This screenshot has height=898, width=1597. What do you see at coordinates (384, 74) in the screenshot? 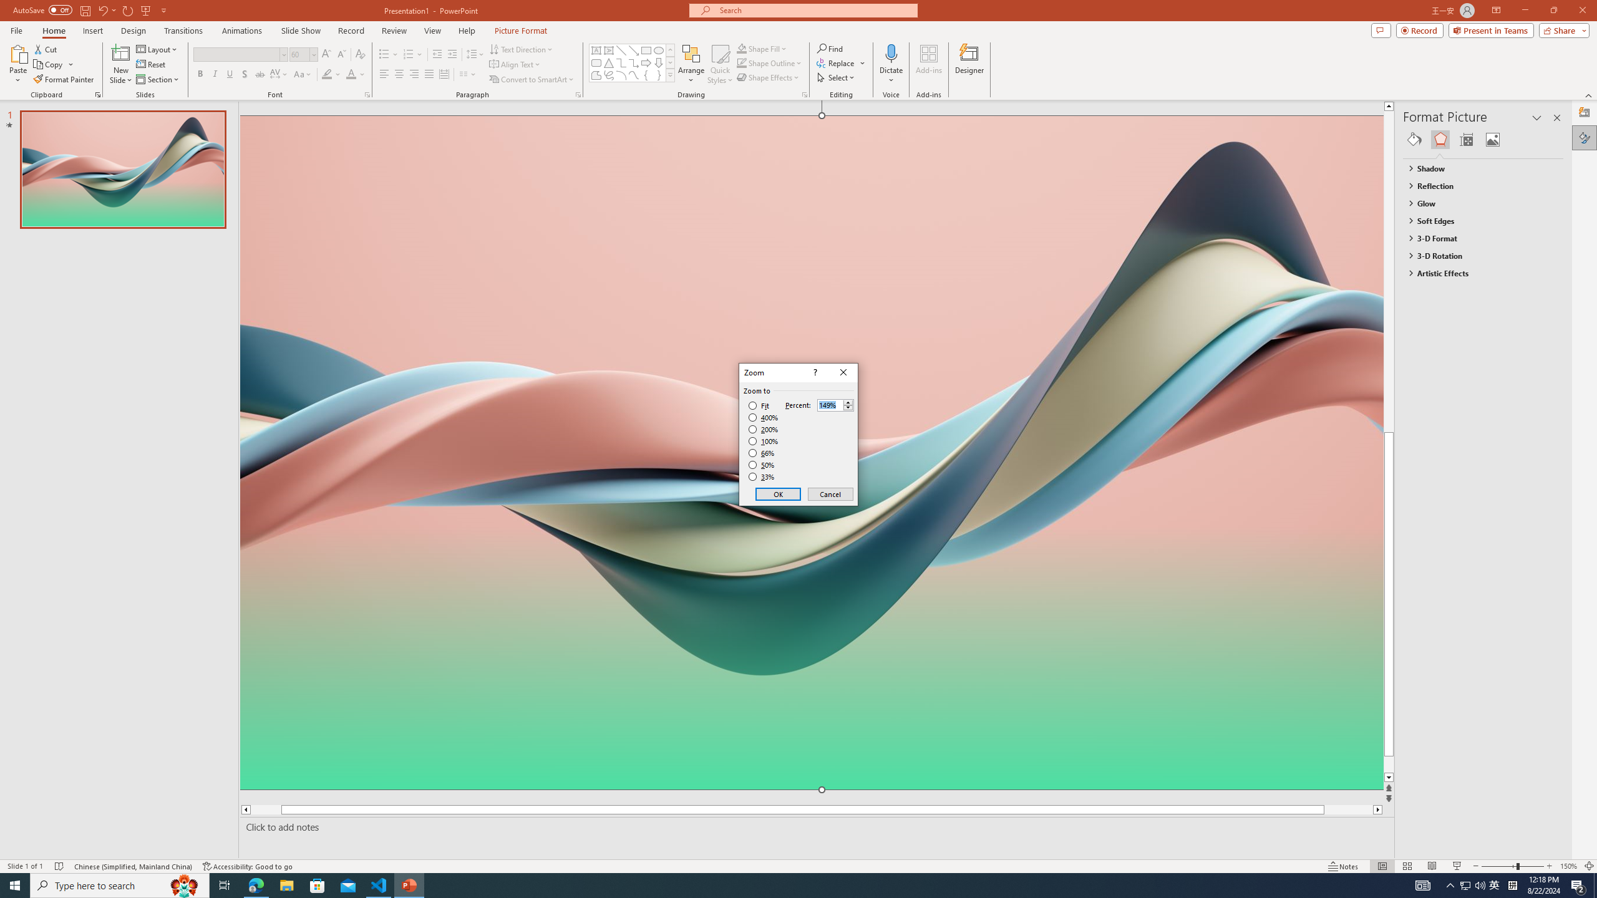
I see `'Align Left'` at bounding box center [384, 74].